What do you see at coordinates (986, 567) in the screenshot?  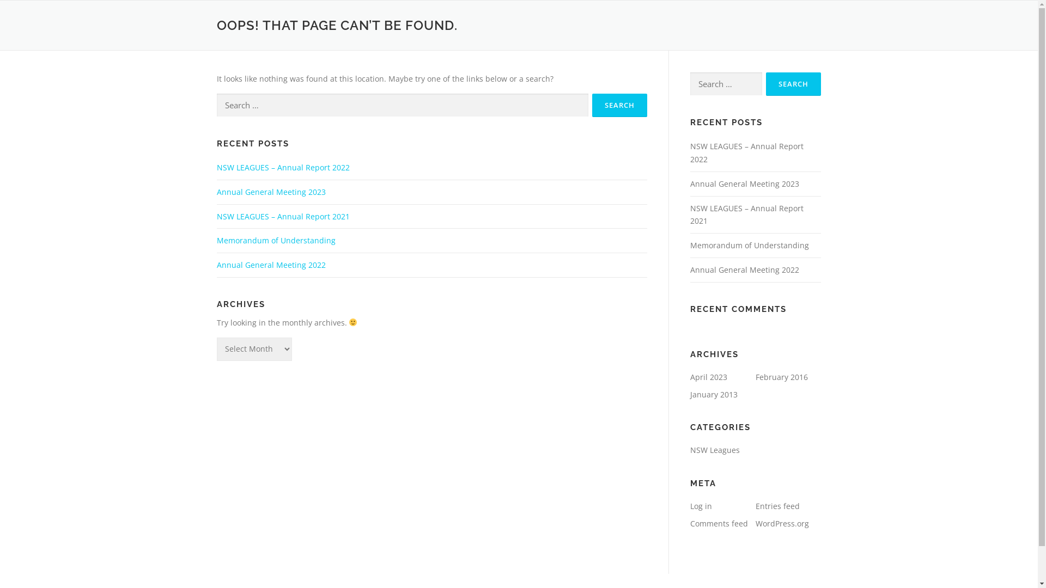 I see `'Back To Top'` at bounding box center [986, 567].